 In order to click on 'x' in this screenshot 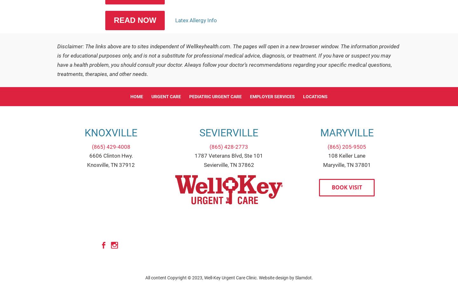, I will do `click(114, 245)`.